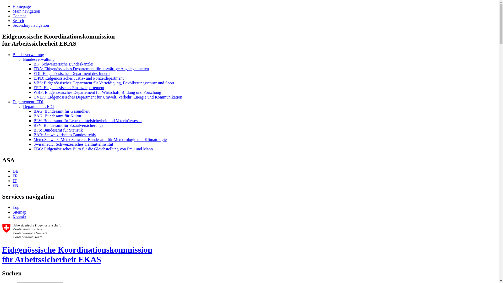 Image resolution: width=503 pixels, height=283 pixels. Describe the element at coordinates (15, 171) in the screenshot. I see `'DE'` at that location.